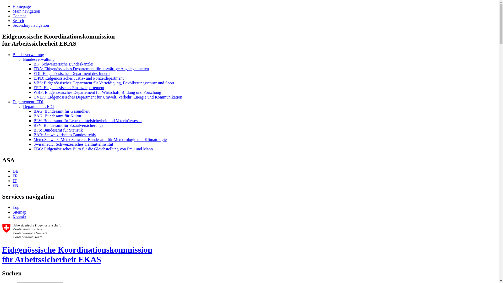 Image resolution: width=503 pixels, height=283 pixels. Describe the element at coordinates (15, 171) in the screenshot. I see `'DE'` at that location.